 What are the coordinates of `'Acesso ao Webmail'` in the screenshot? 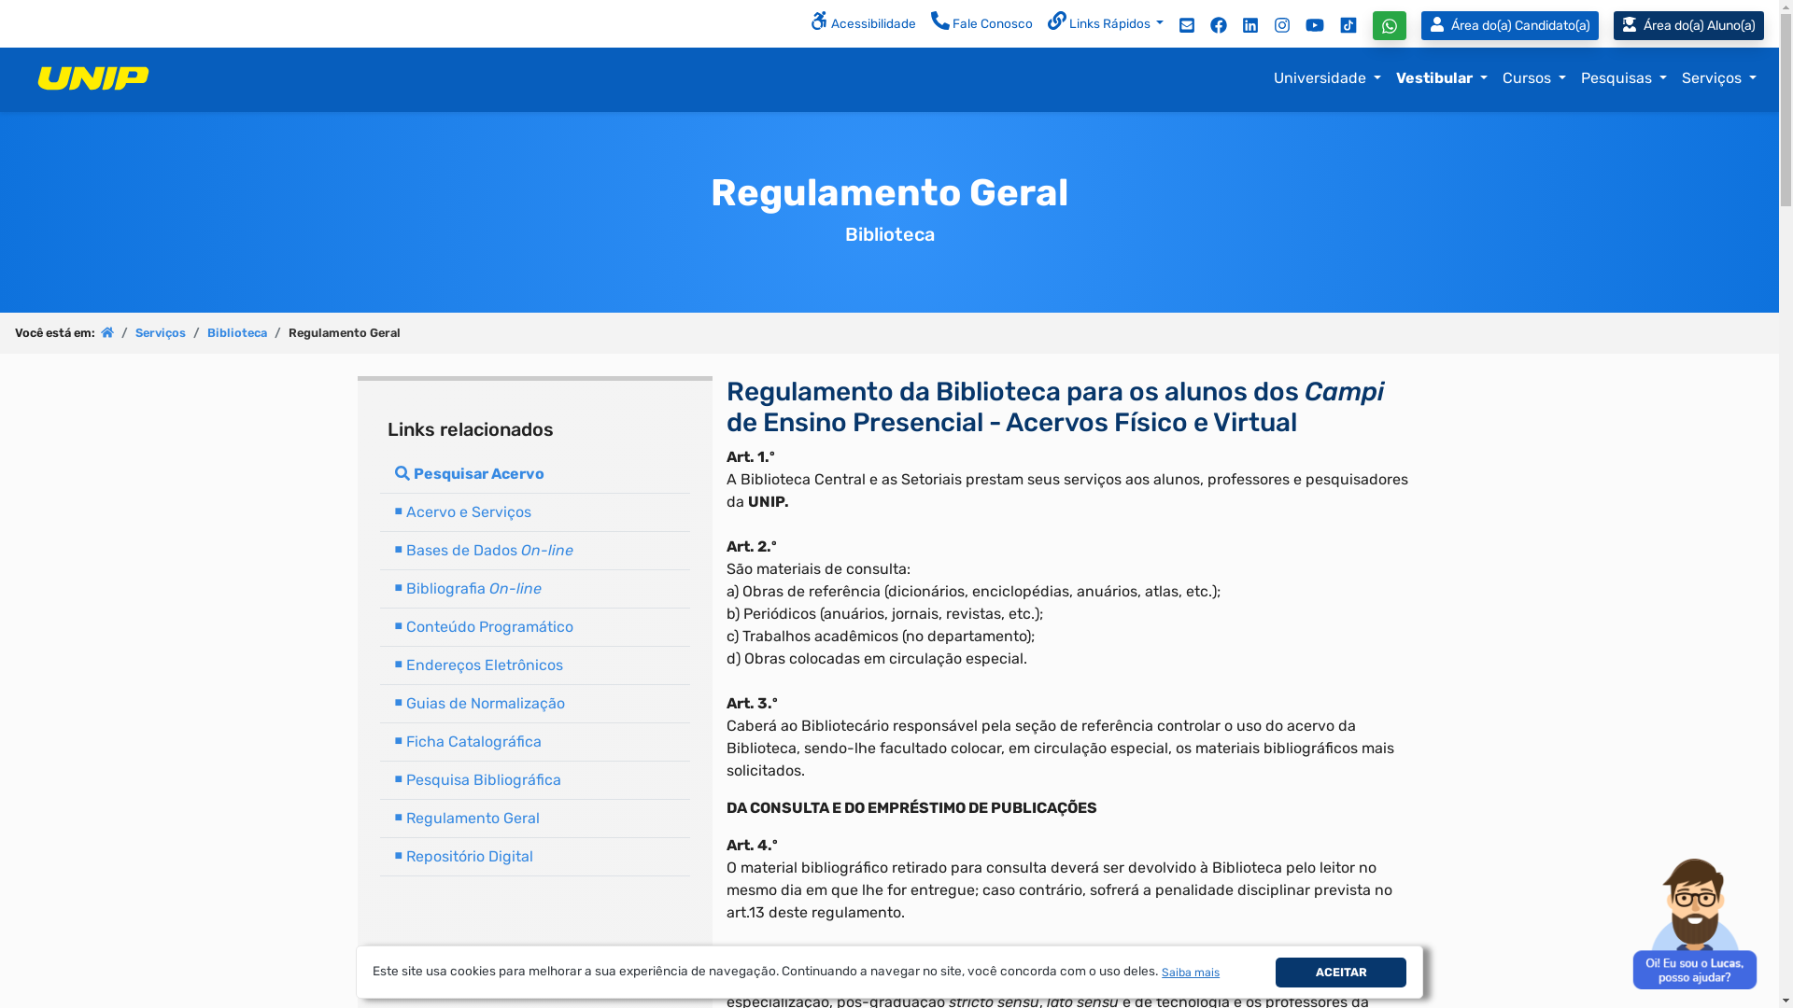 It's located at (1186, 24).